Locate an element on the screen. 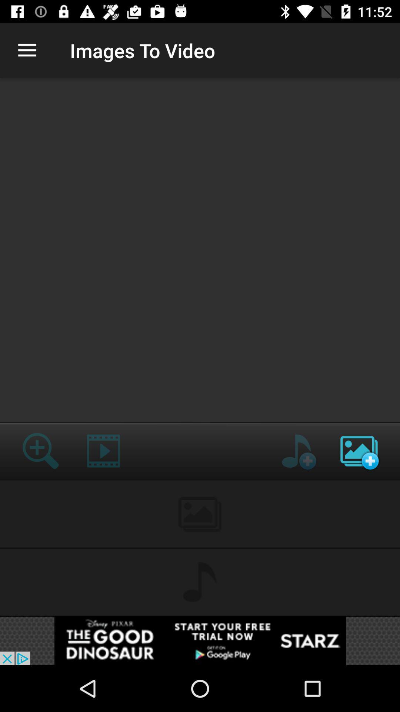 This screenshot has width=400, height=712. the wallpaper icon is located at coordinates (359, 451).